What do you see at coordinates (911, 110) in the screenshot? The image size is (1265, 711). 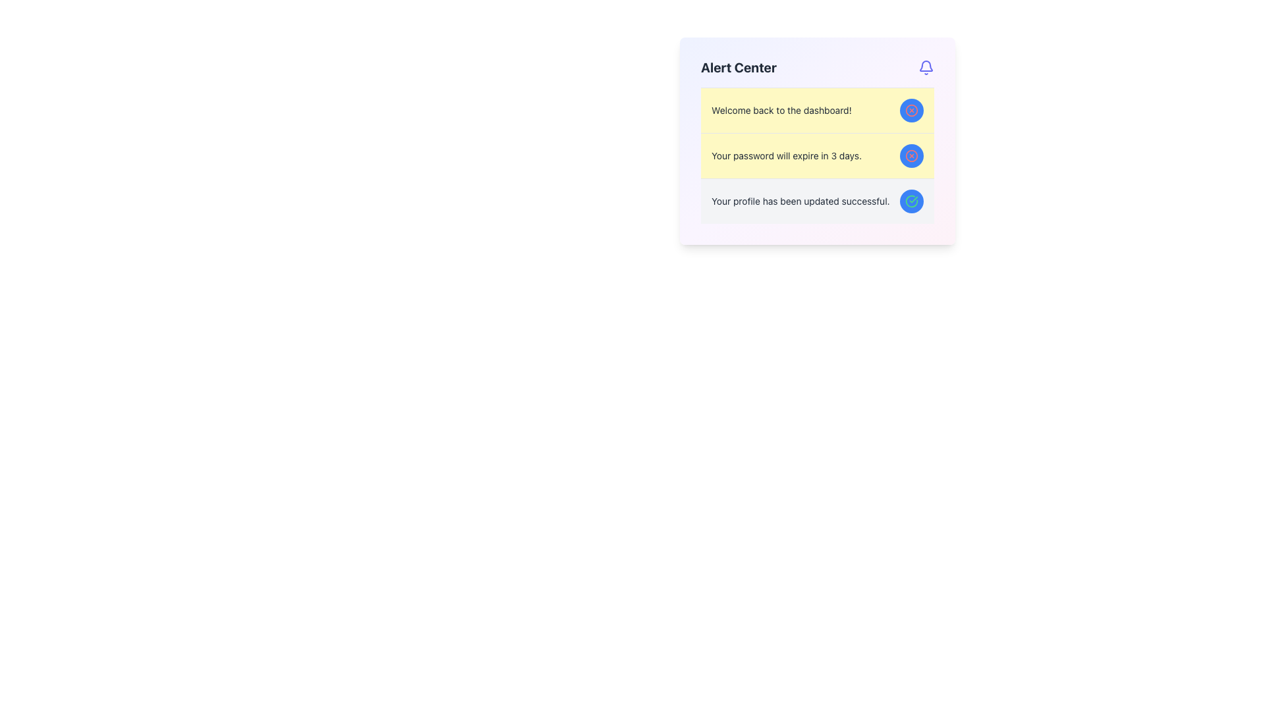 I see `the circular button with a blue background and a red X icon` at bounding box center [911, 110].